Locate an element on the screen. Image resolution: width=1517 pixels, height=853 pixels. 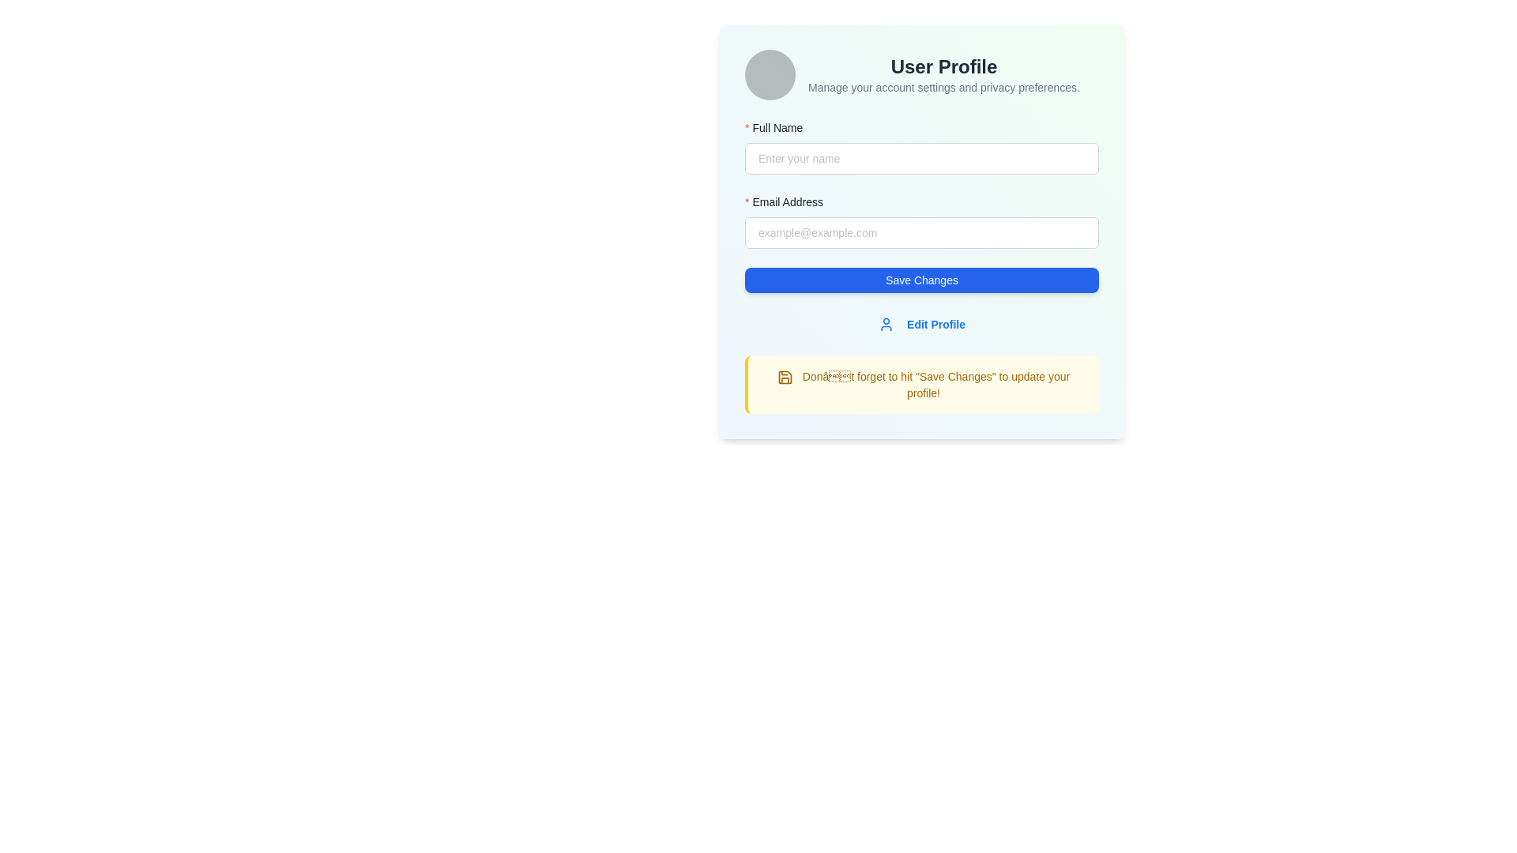
the user profile icon located to the left of the 'Edit Profile' button is located at coordinates (886, 324).